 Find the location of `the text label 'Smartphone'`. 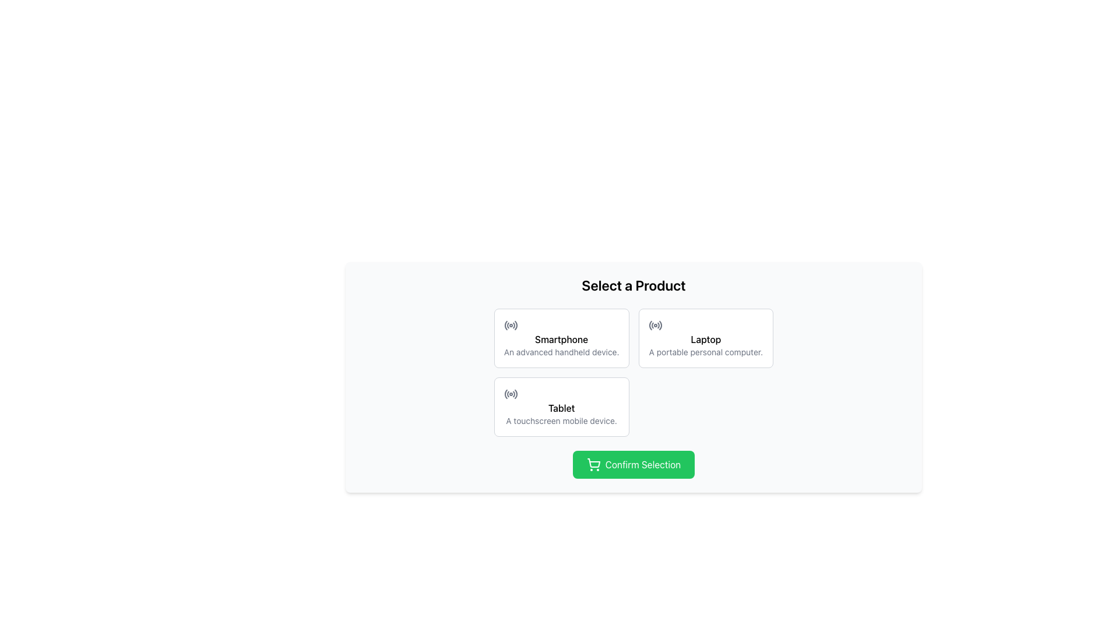

the text label 'Smartphone' is located at coordinates (561, 339).